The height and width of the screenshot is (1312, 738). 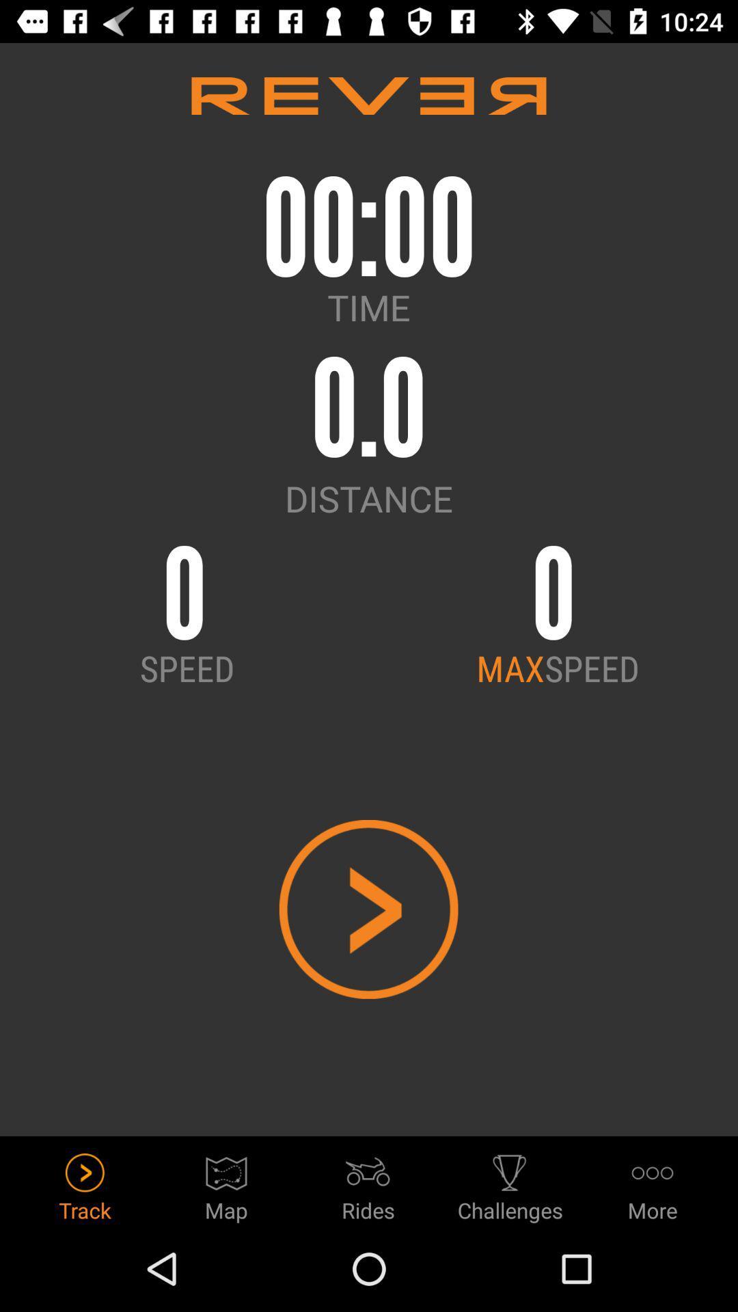 What do you see at coordinates (510, 1183) in the screenshot?
I see `icon to the right of the rides icon` at bounding box center [510, 1183].